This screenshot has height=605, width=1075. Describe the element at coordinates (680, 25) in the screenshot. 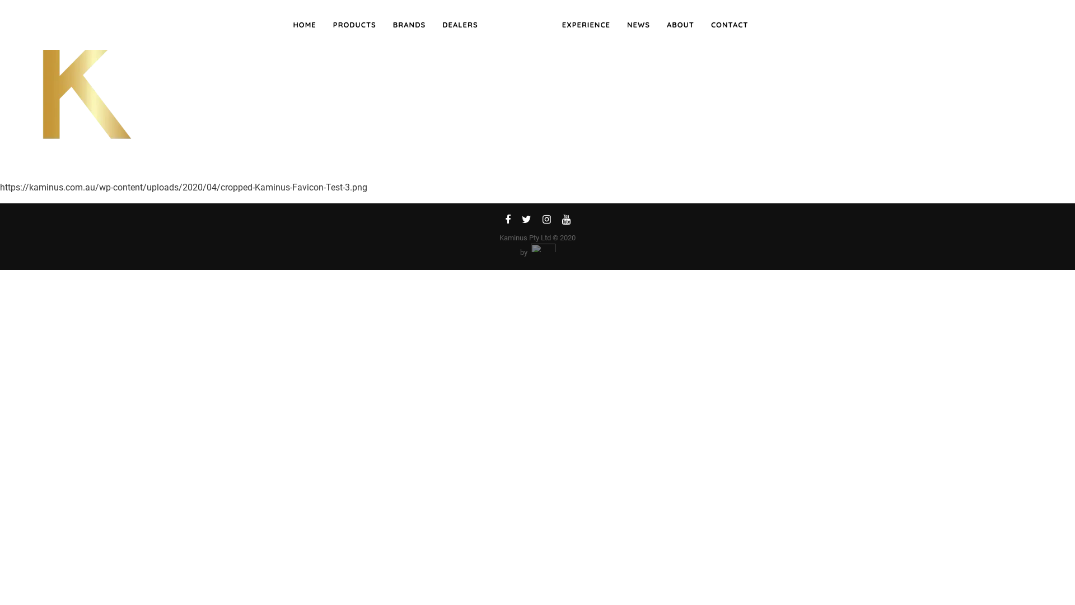

I see `'ABOUT'` at that location.